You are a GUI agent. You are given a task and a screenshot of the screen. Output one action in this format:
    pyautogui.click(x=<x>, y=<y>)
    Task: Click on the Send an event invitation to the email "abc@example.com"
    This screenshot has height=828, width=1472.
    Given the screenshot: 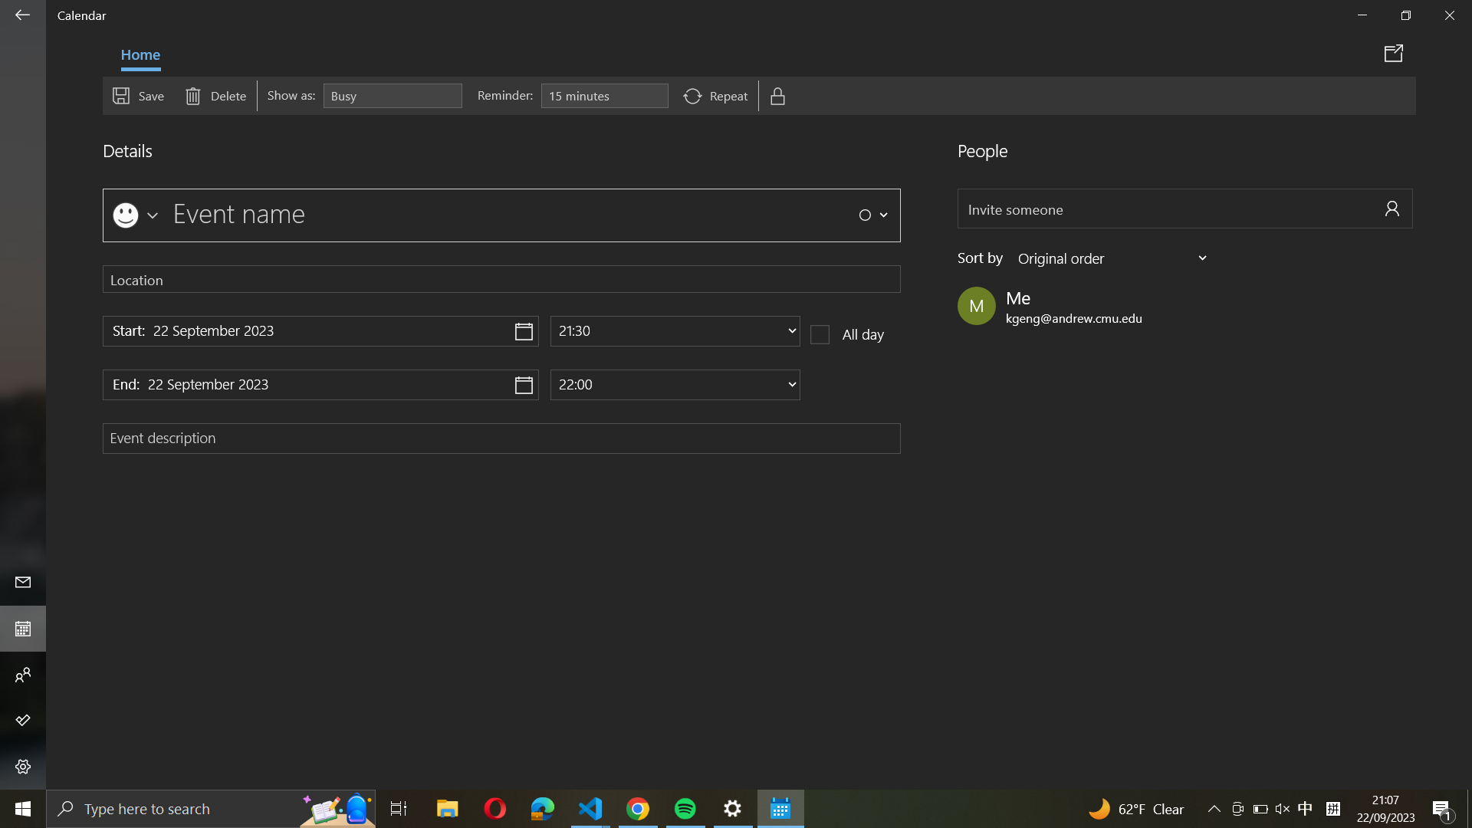 What is the action you would take?
    pyautogui.click(x=1184, y=209)
    